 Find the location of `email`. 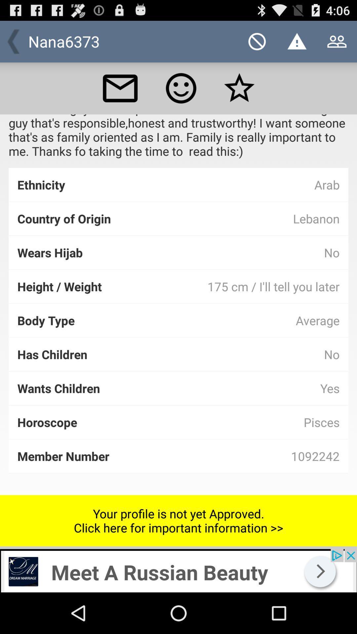

email is located at coordinates (120, 88).